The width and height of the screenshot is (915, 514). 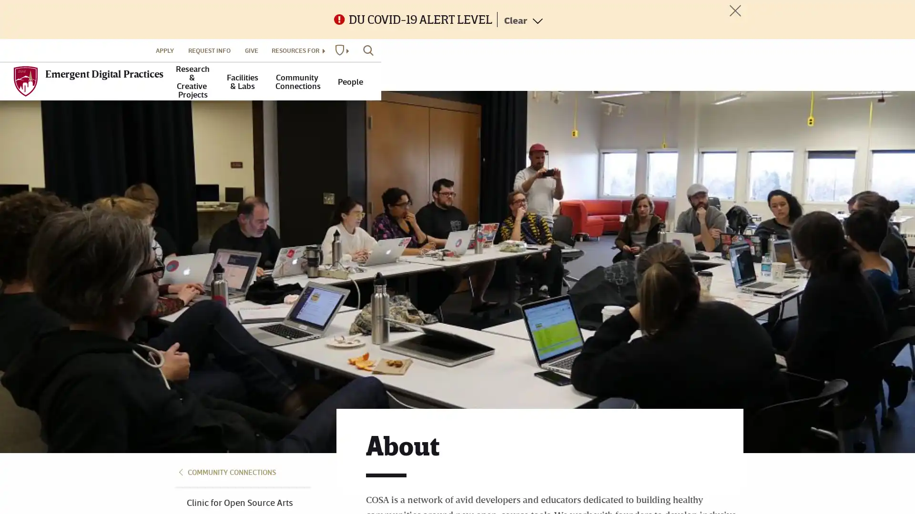 What do you see at coordinates (704, 50) in the screenshot?
I see `DU WEBSITES` at bounding box center [704, 50].